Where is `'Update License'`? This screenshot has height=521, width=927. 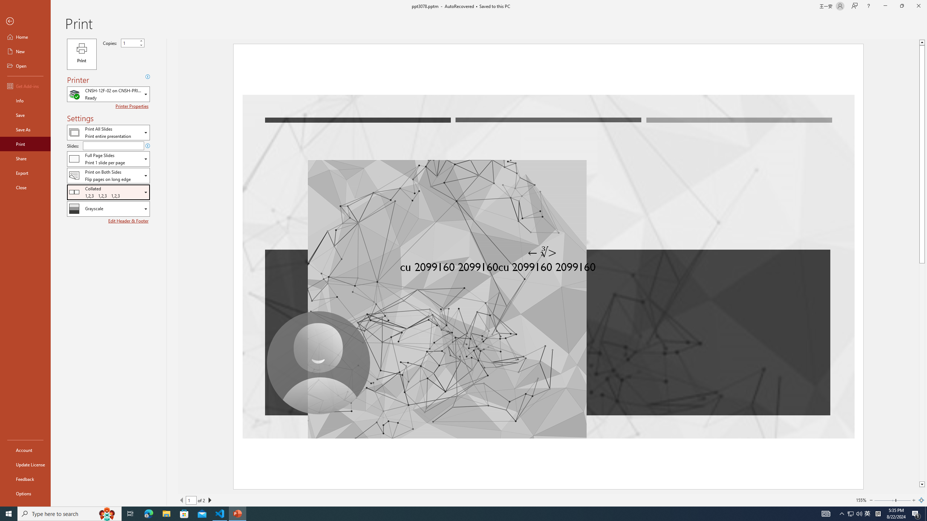 'Update License' is located at coordinates (25, 464).